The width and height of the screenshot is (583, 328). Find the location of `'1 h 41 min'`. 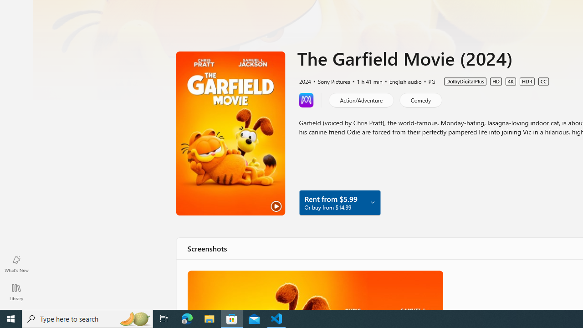

'1 h 41 min' is located at coordinates (366, 81).